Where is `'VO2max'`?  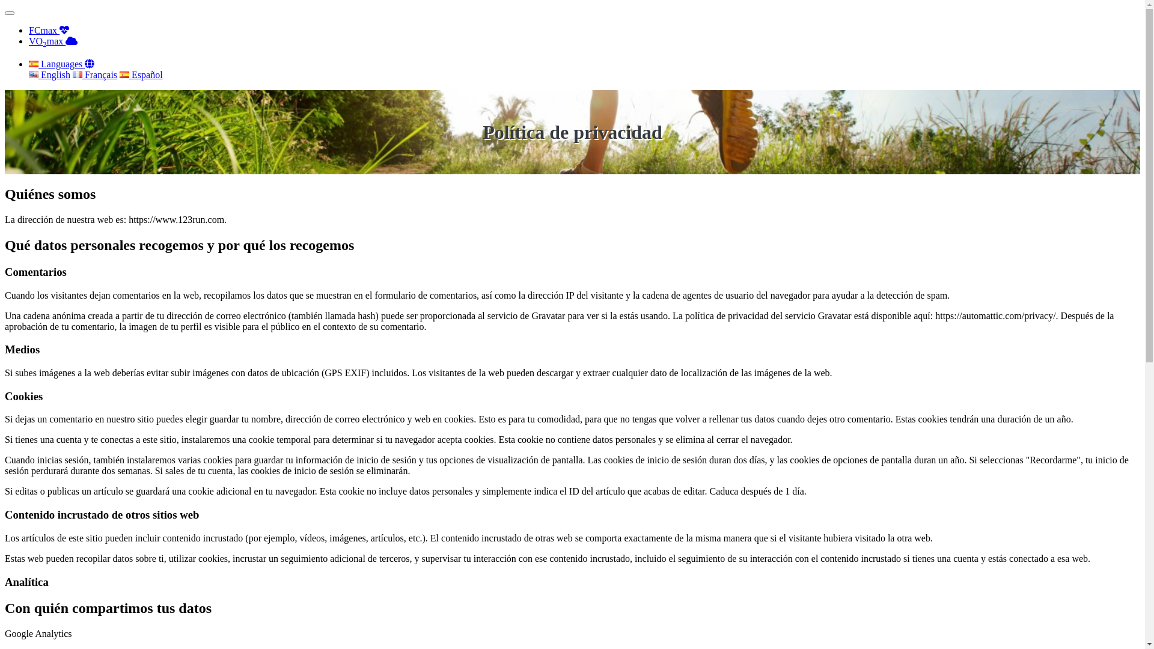
'VO2max' is located at coordinates (52, 40).